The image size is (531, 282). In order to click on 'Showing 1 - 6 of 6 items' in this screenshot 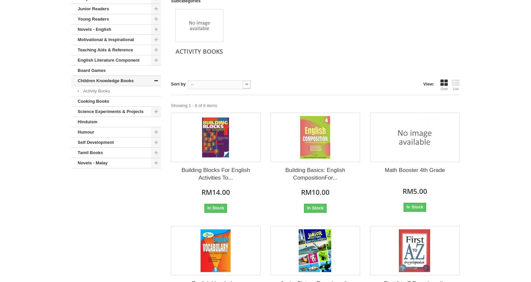, I will do `click(171, 105)`.